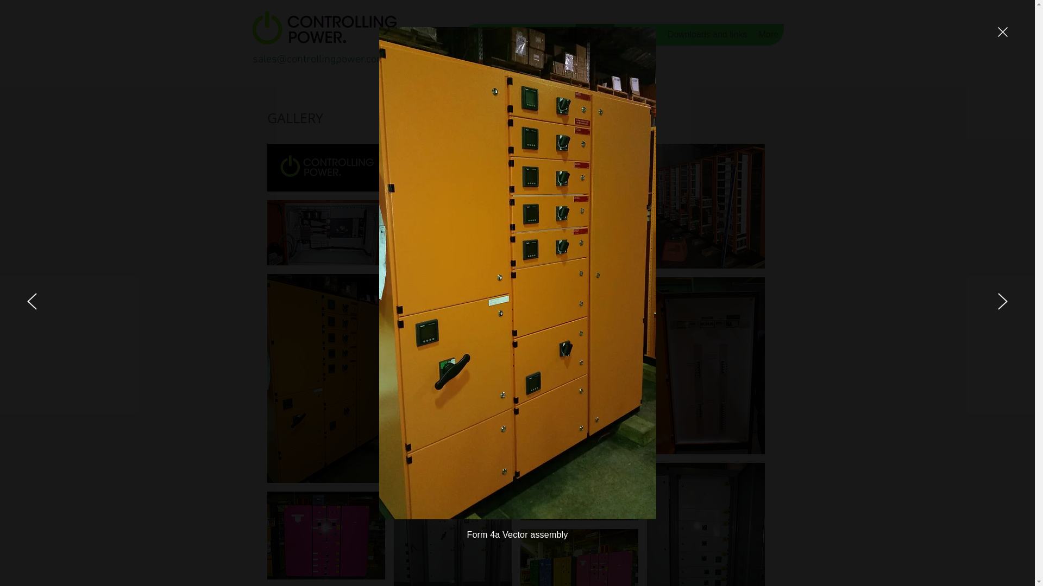 The width and height of the screenshot is (1043, 586). I want to click on 'Downloads and links', so click(707, 34).